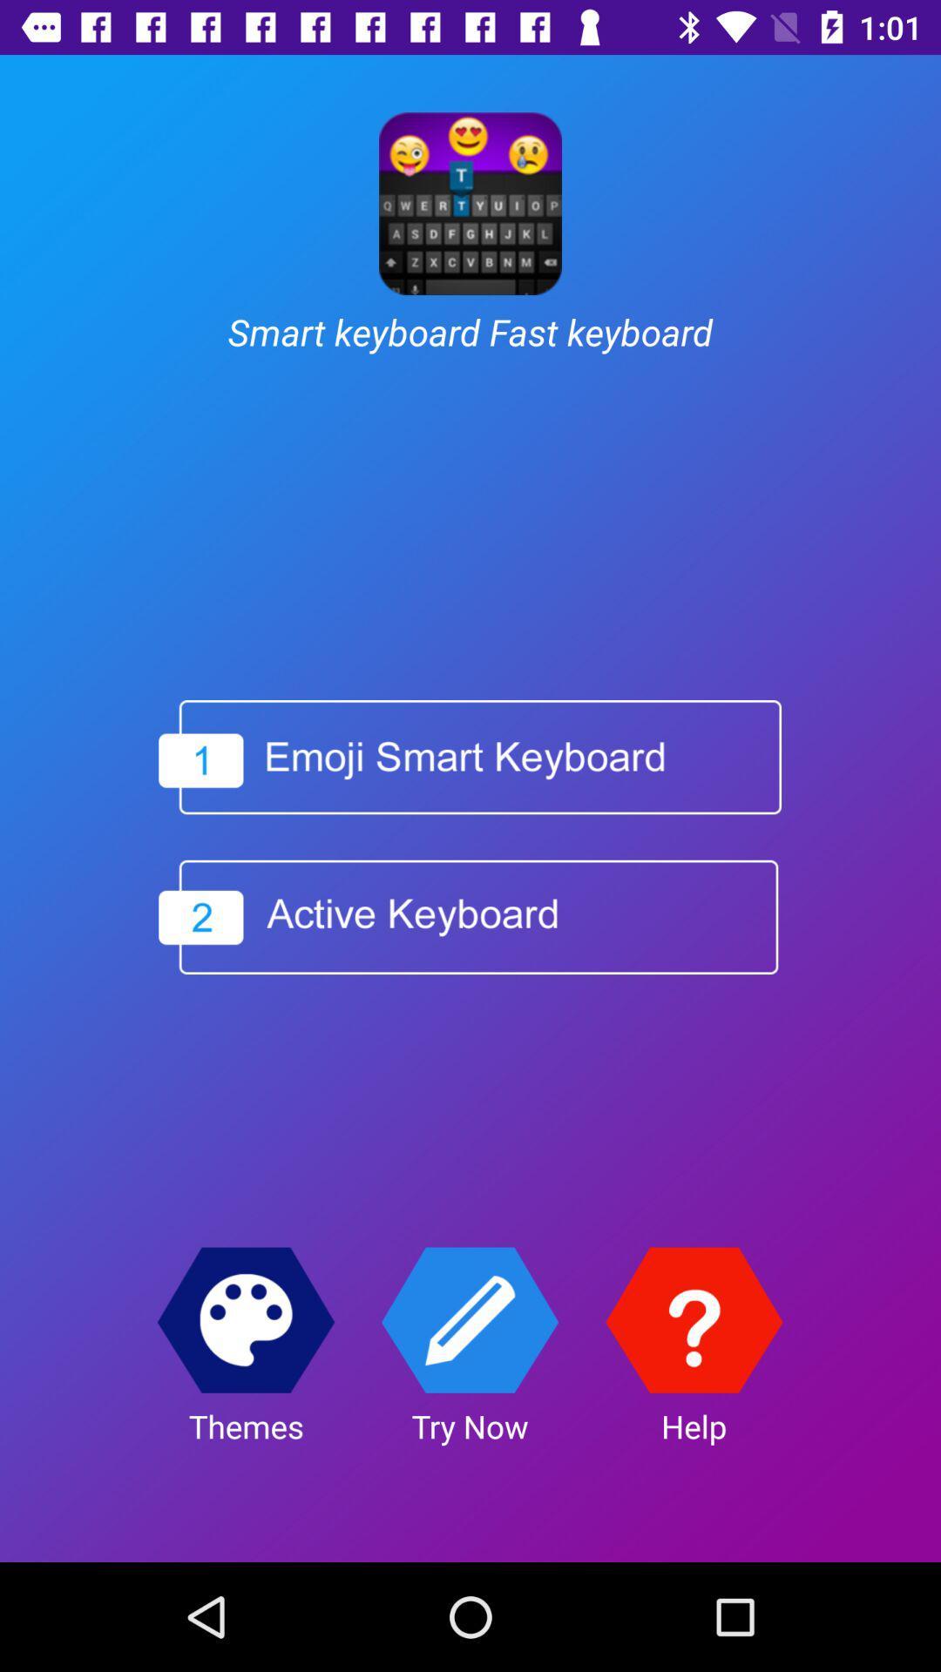 The image size is (941, 1672). I want to click on open smart keyboard install, so click(469, 757).